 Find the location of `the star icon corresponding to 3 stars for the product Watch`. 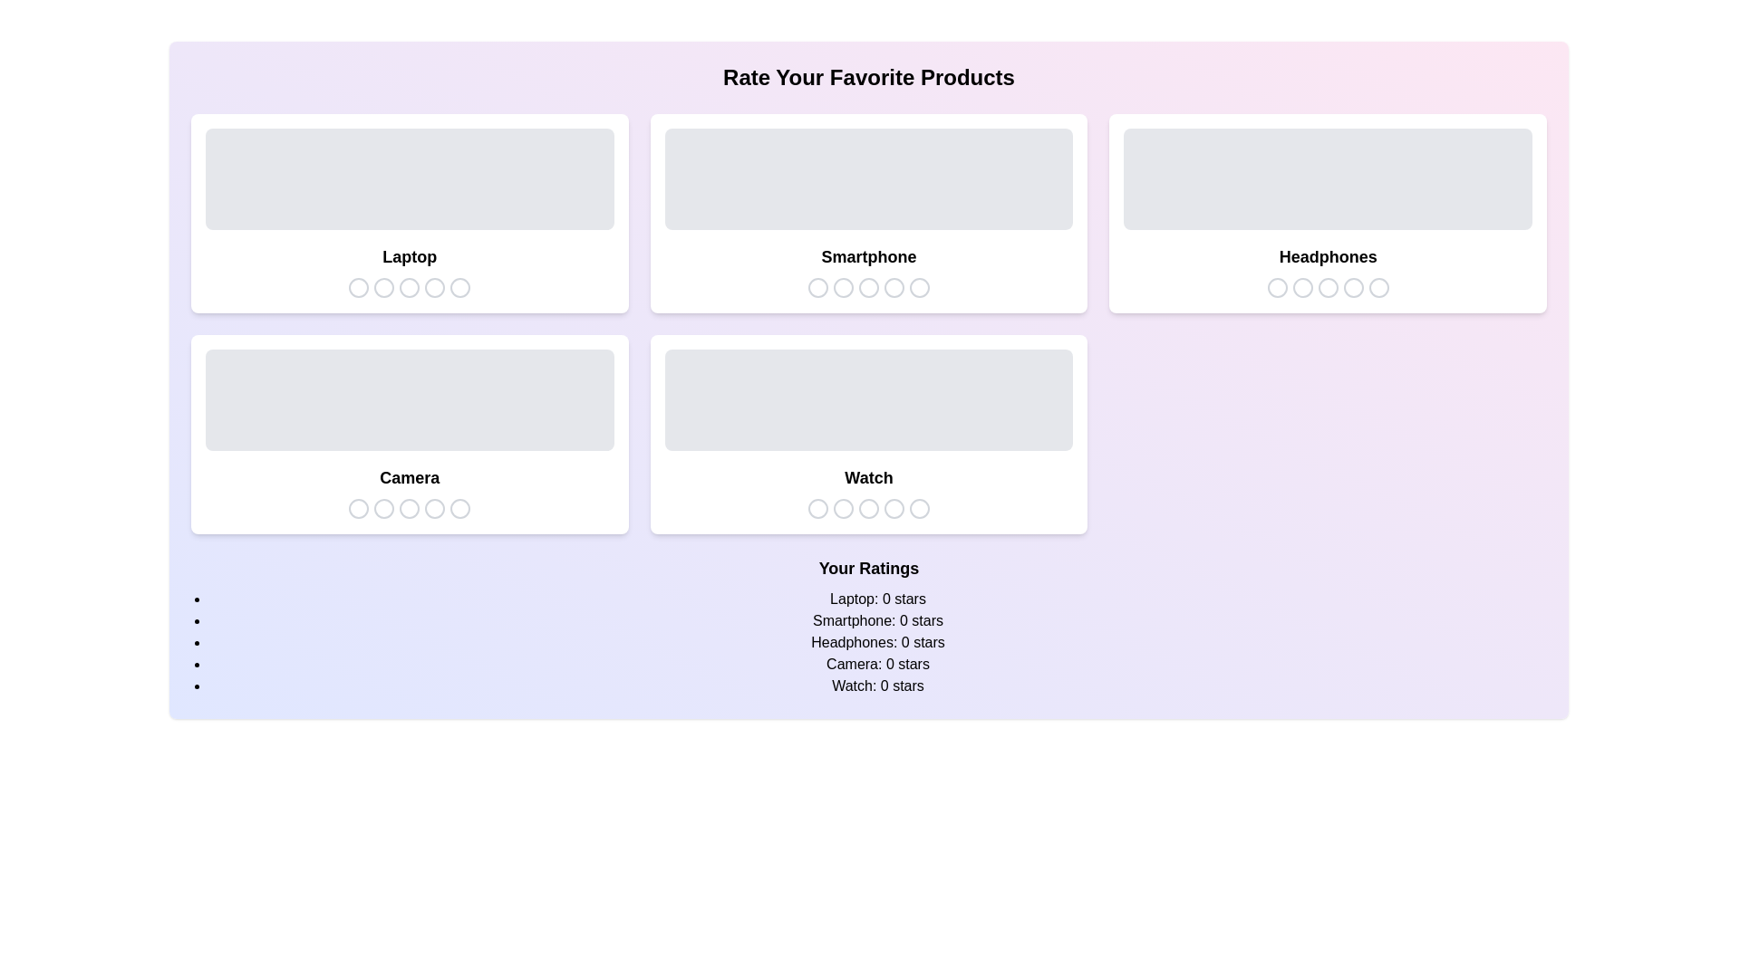

the star icon corresponding to 3 stars for the product Watch is located at coordinates (867, 509).